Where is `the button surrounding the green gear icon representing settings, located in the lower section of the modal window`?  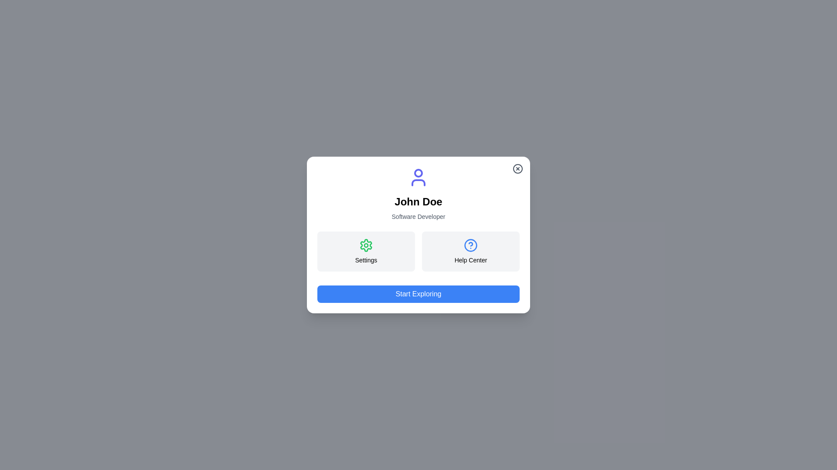
the button surrounding the green gear icon representing settings, located in the lower section of the modal window is located at coordinates (366, 245).